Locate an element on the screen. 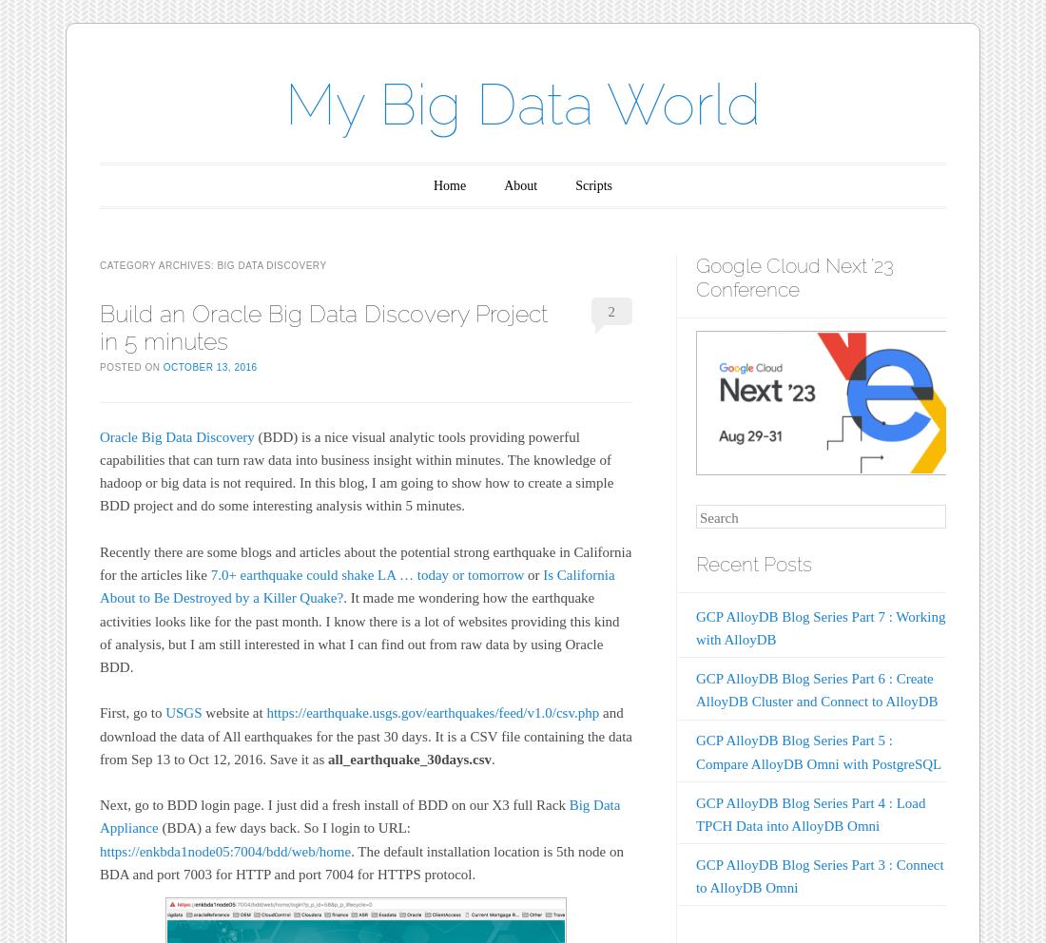 The width and height of the screenshot is (1046, 943). 'Next, go to BDD login page. I just did a fresh install of BDD on our X3 full Rack' is located at coordinates (334, 803).